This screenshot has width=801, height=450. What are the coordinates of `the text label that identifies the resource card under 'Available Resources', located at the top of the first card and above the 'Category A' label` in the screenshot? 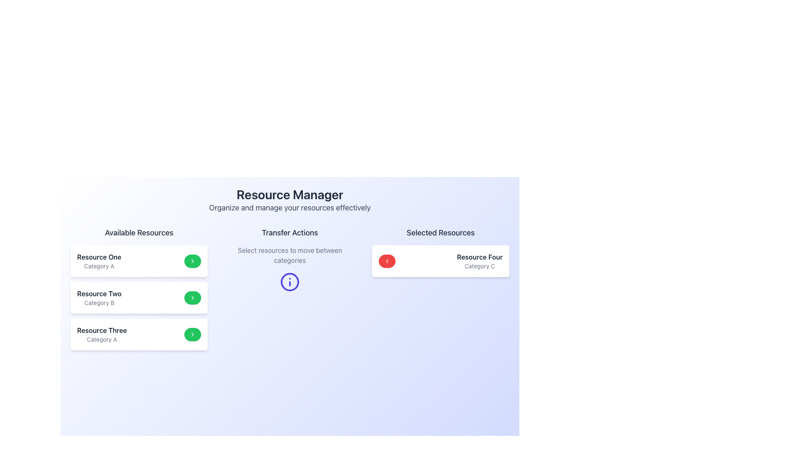 It's located at (99, 257).